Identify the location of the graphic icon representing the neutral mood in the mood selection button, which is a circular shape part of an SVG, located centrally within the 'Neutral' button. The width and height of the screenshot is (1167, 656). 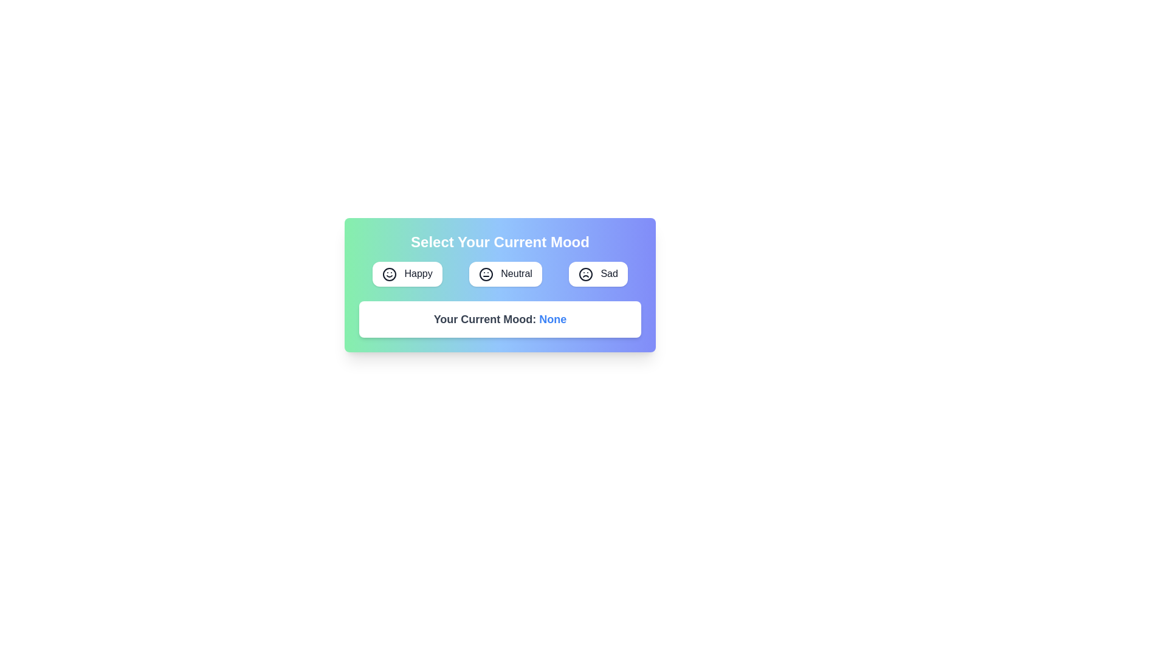
(485, 274).